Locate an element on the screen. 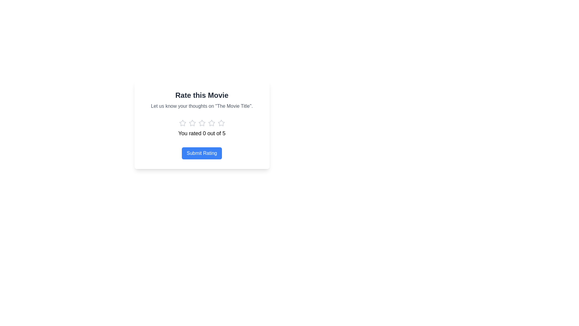 The width and height of the screenshot is (579, 326). the third star in the interactive rating widget below 'Rate this Movie' is located at coordinates (202, 123).